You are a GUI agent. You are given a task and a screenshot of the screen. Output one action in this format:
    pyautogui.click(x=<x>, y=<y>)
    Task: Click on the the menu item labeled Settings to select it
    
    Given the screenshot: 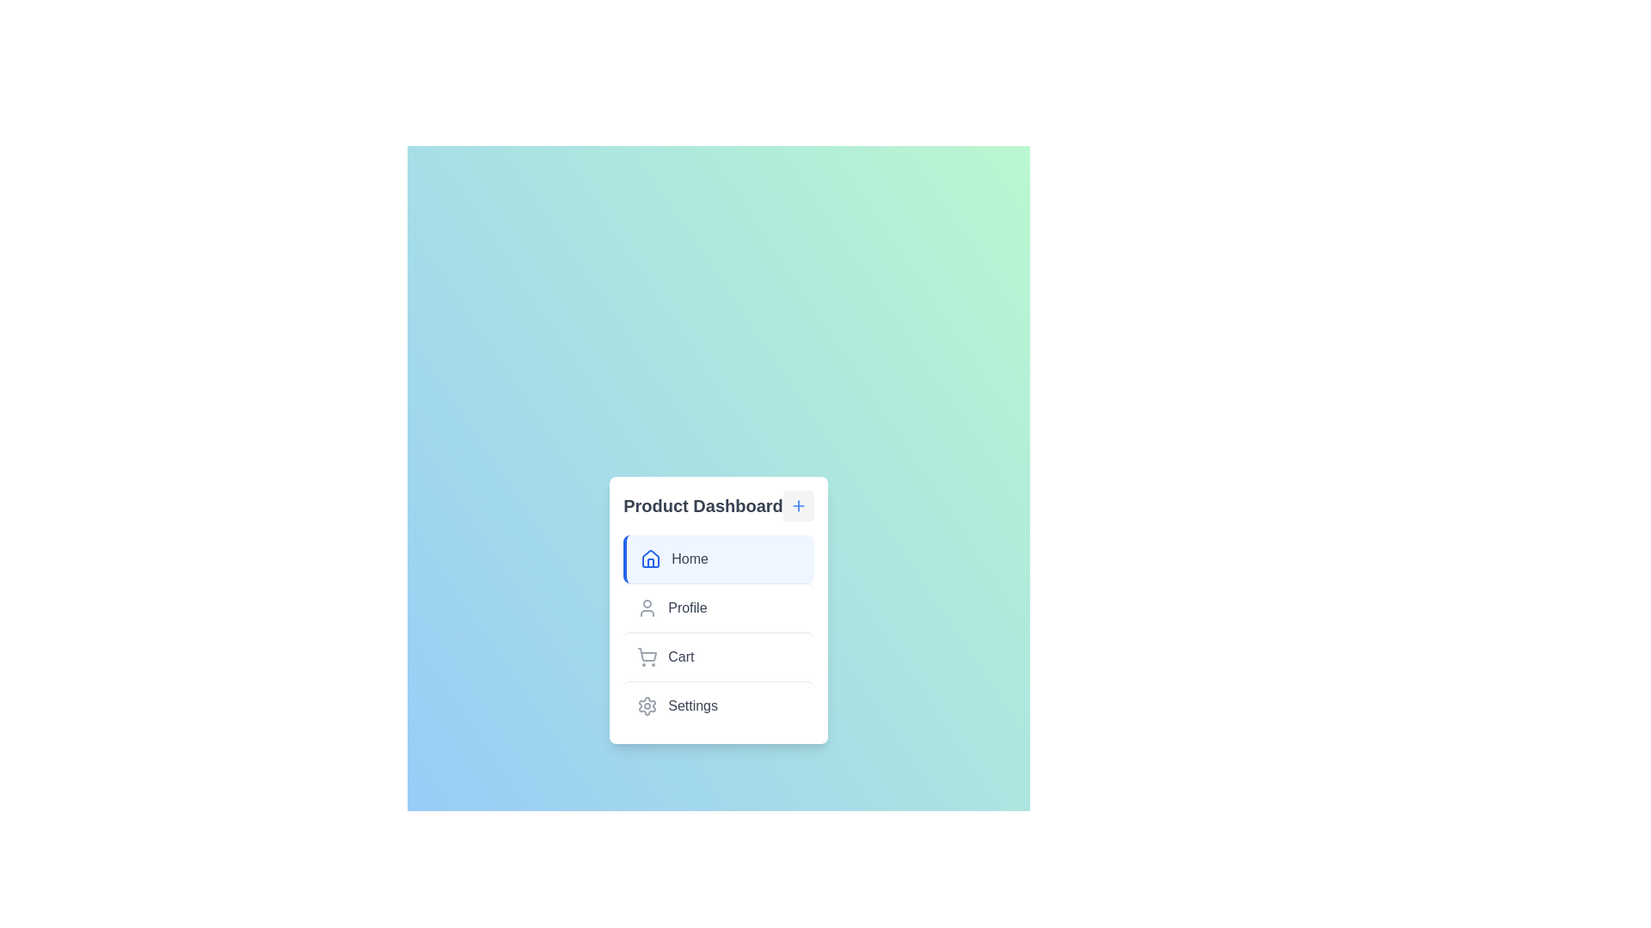 What is the action you would take?
    pyautogui.click(x=718, y=705)
    